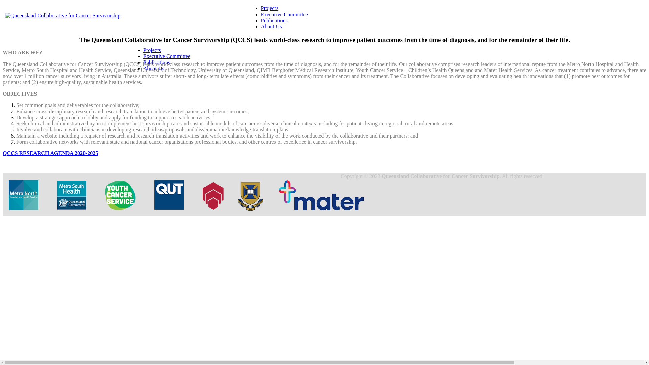 The image size is (649, 365). I want to click on 'About Us', so click(153, 68).